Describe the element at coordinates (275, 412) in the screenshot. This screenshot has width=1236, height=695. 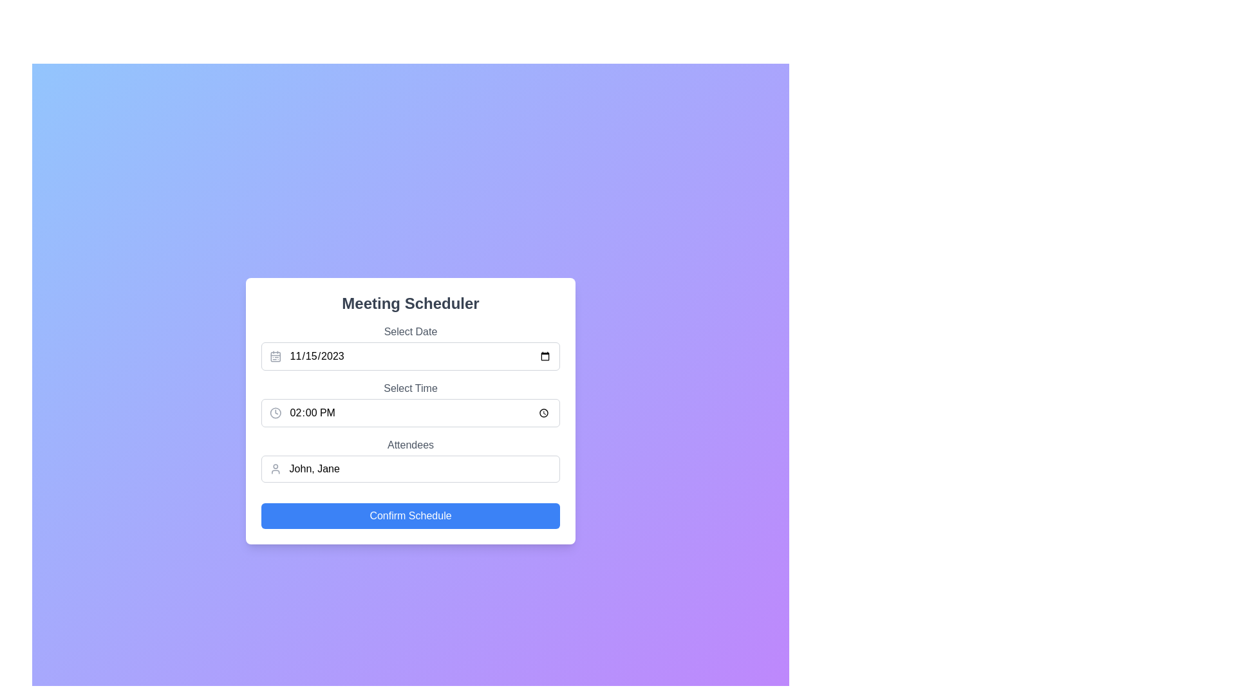
I see `the circular outline of the clock icon in the time selection section of the meeting scheduler card` at that location.